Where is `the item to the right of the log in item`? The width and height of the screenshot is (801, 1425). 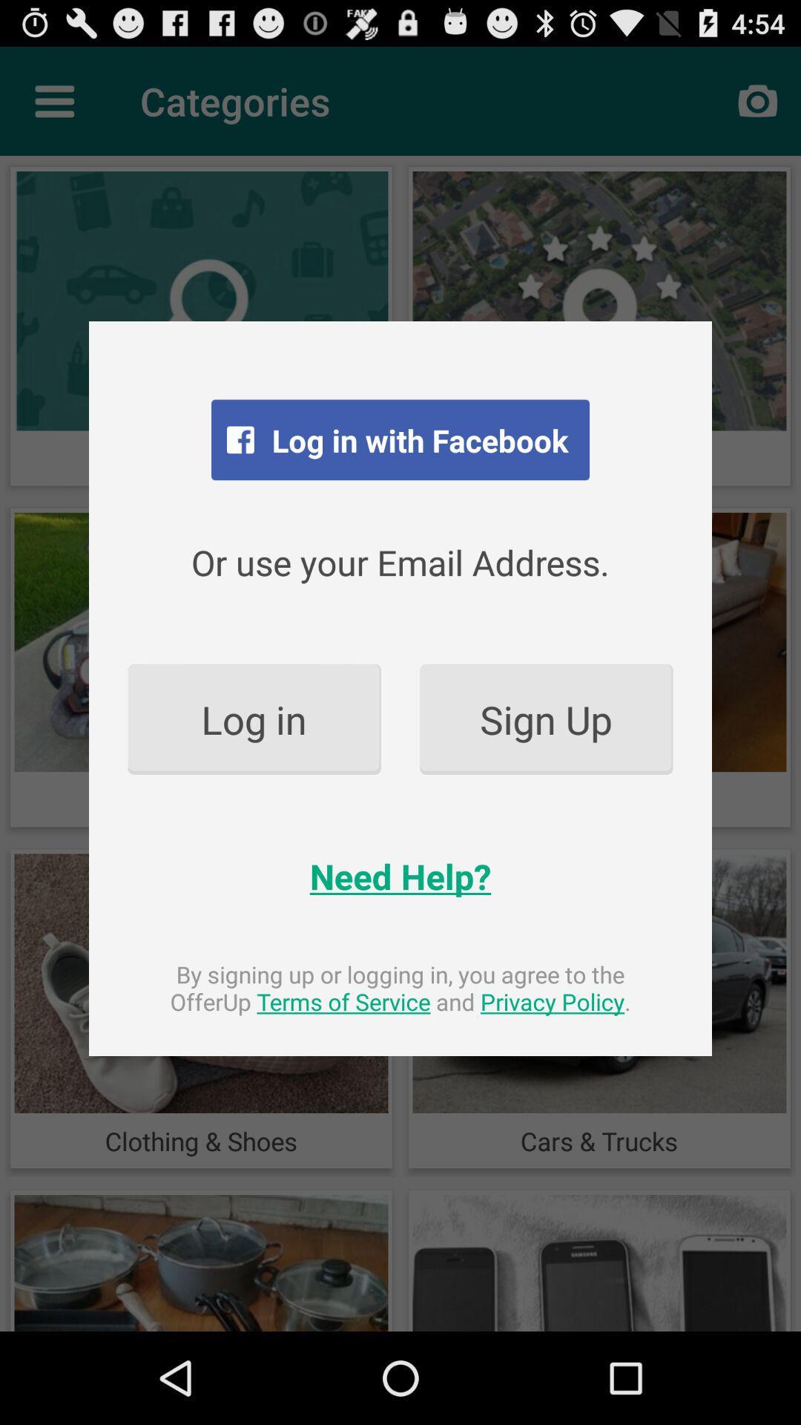
the item to the right of the log in item is located at coordinates (546, 719).